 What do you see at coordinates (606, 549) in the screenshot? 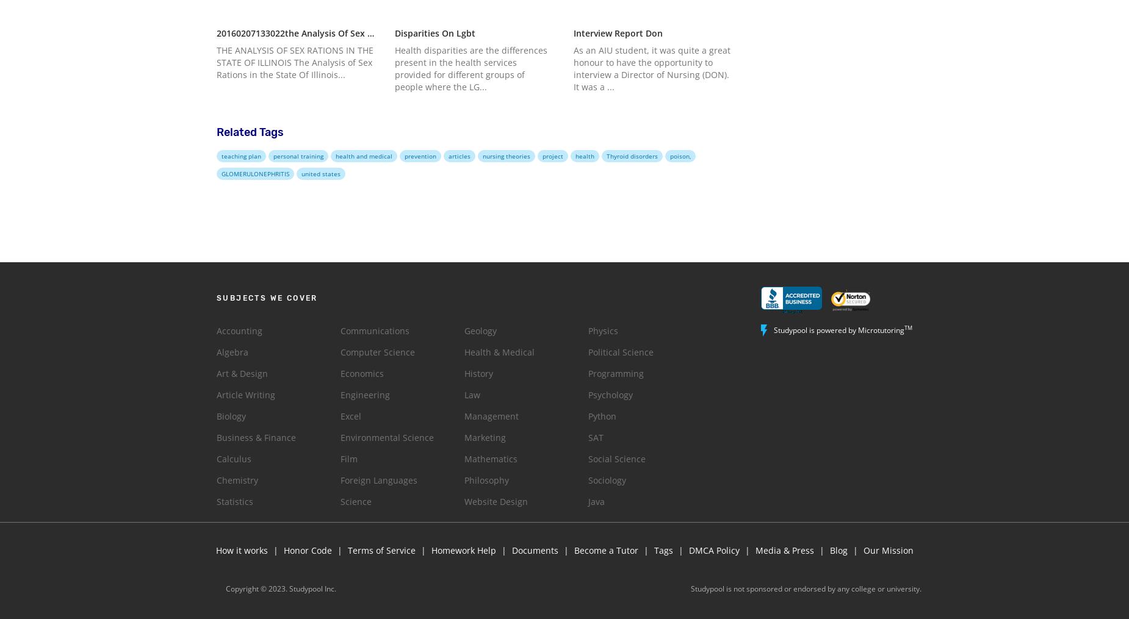
I see `'Become a Tutor'` at bounding box center [606, 549].